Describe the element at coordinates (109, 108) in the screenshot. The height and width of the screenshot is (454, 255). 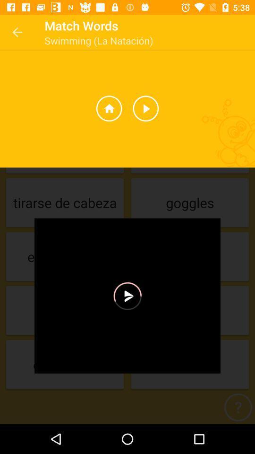
I see `the home icon` at that location.